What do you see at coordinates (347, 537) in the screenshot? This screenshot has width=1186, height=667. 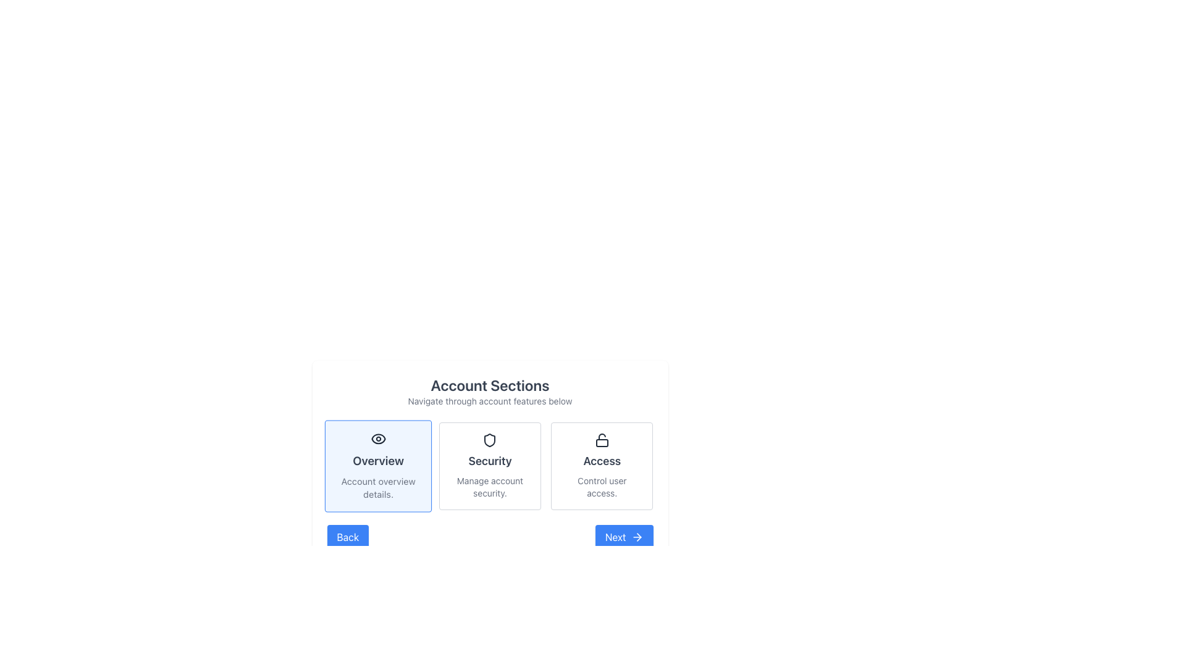 I see `the 'Back' button located in the bottom-left corner of the 'Account Sections' interface to observe the hover color change` at bounding box center [347, 537].